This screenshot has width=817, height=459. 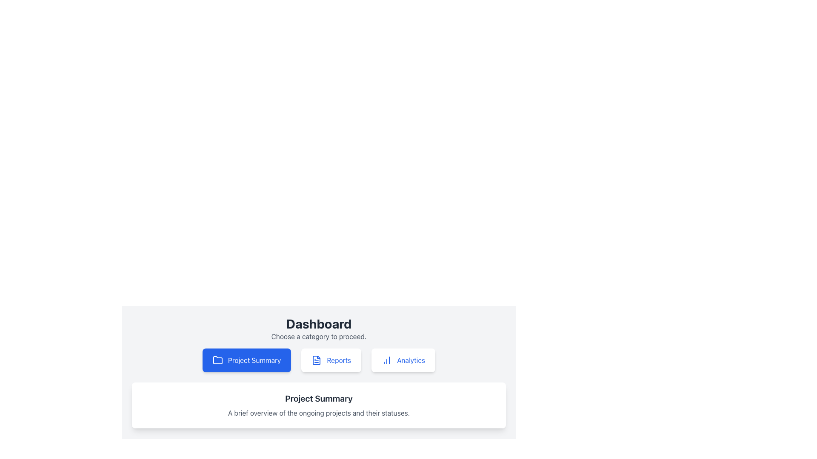 What do you see at coordinates (386, 360) in the screenshot?
I see `the 'Analytics' button by clicking on the icon located in the bottom-right corner of the primary button group, to the left of the text 'Analytics'` at bounding box center [386, 360].